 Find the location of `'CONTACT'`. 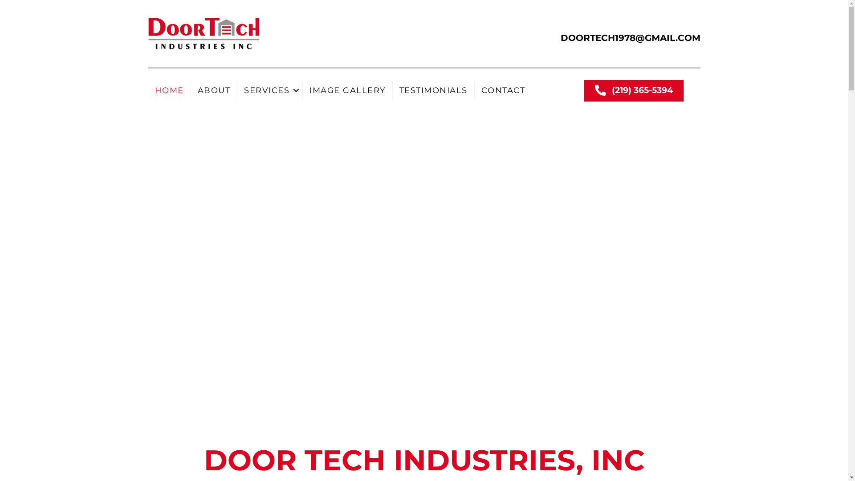

'CONTACT' is located at coordinates (503, 90).